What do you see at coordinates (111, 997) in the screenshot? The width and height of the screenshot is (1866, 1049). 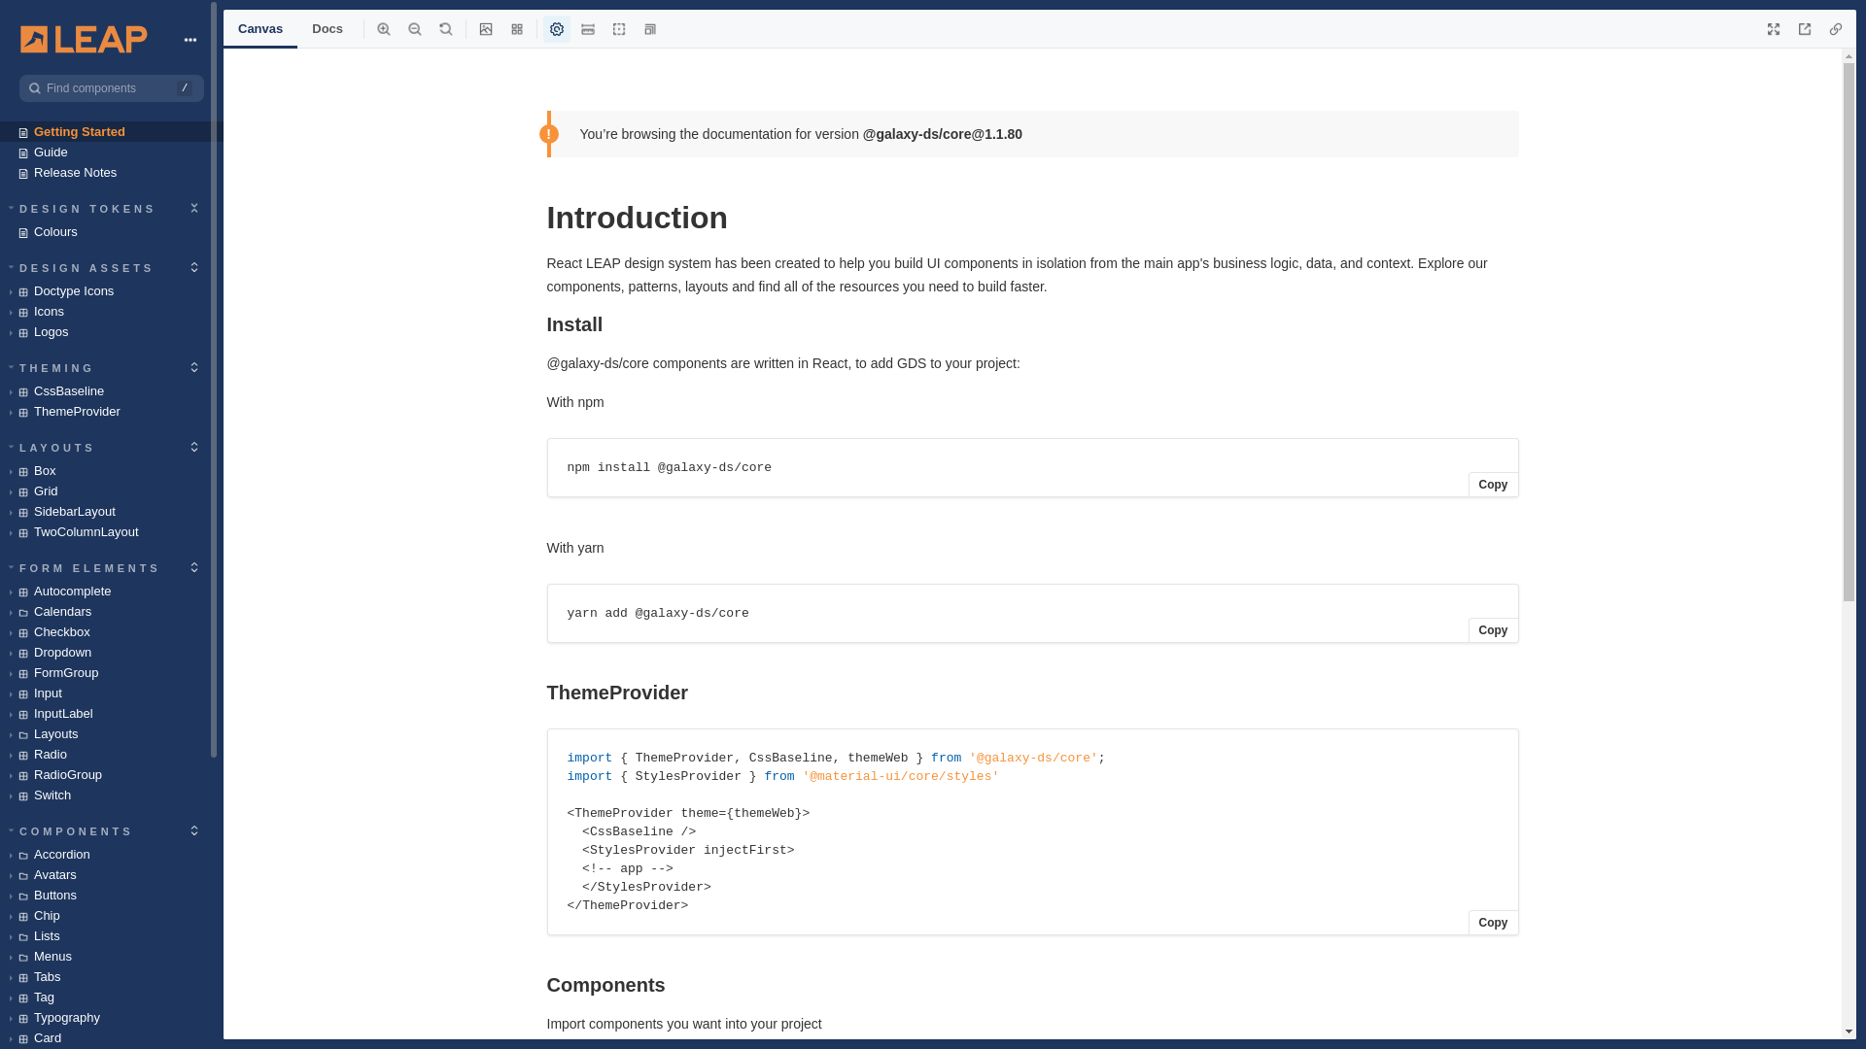 I see `'Tag'` at bounding box center [111, 997].